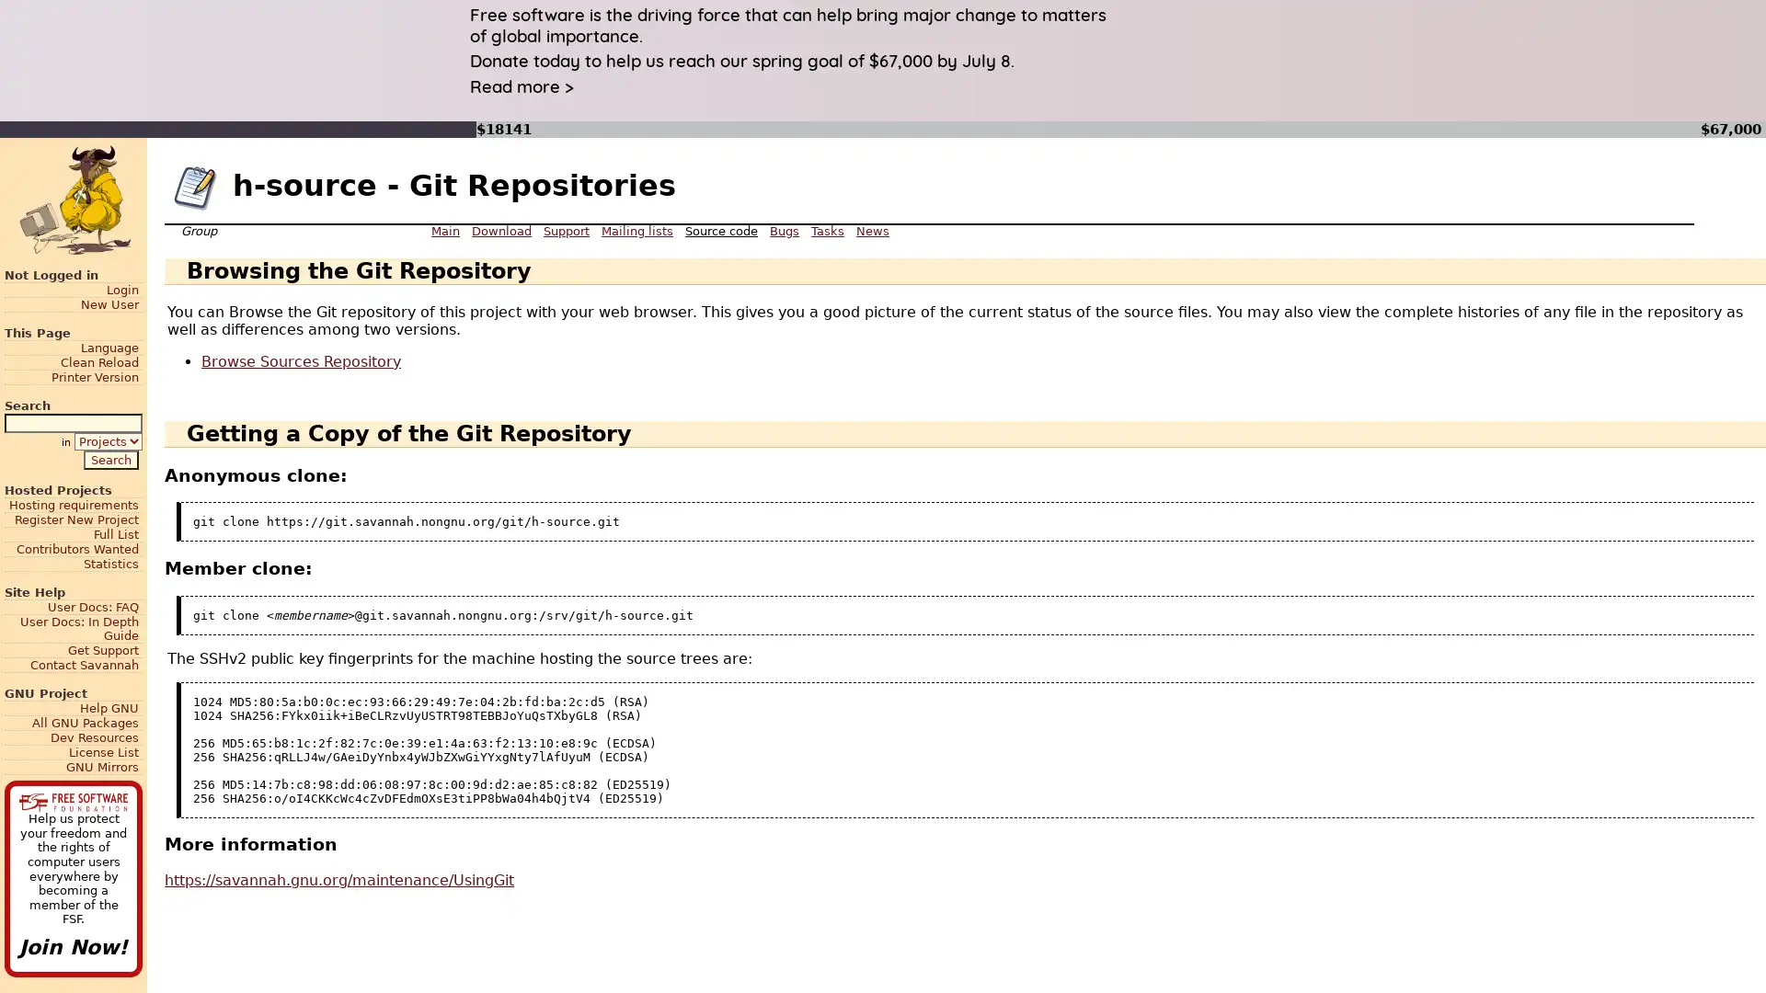 The image size is (1766, 993). Describe the element at coordinates (109, 458) in the screenshot. I see `Search` at that location.